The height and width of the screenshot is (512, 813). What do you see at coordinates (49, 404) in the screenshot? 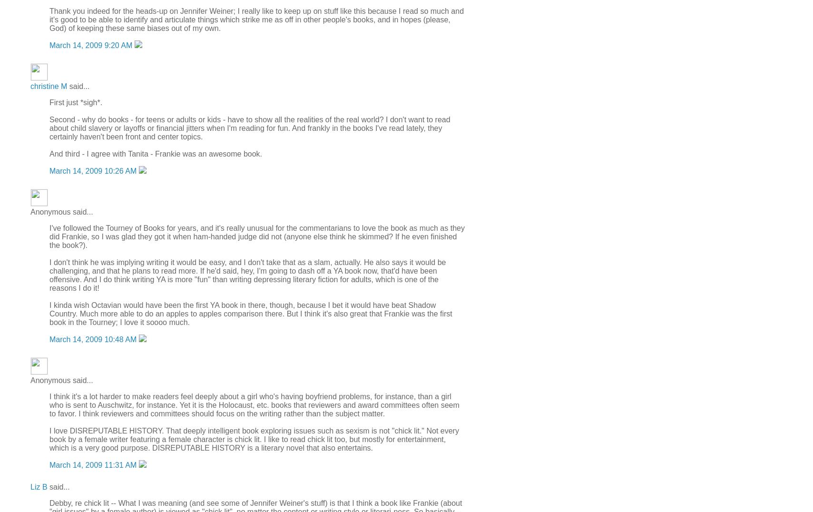
I see `'I think it's a lot harder to make readers feel deeply about a girl who's having boyfriend problems, for instance, than a girl who is sent to Auschwitz, for instance. Yet it is the Holocaust, etc. books that reviewers and award committees often seem to favor. I think reviewers and committees should focus on the writing rather than the subject matter.'` at bounding box center [49, 404].